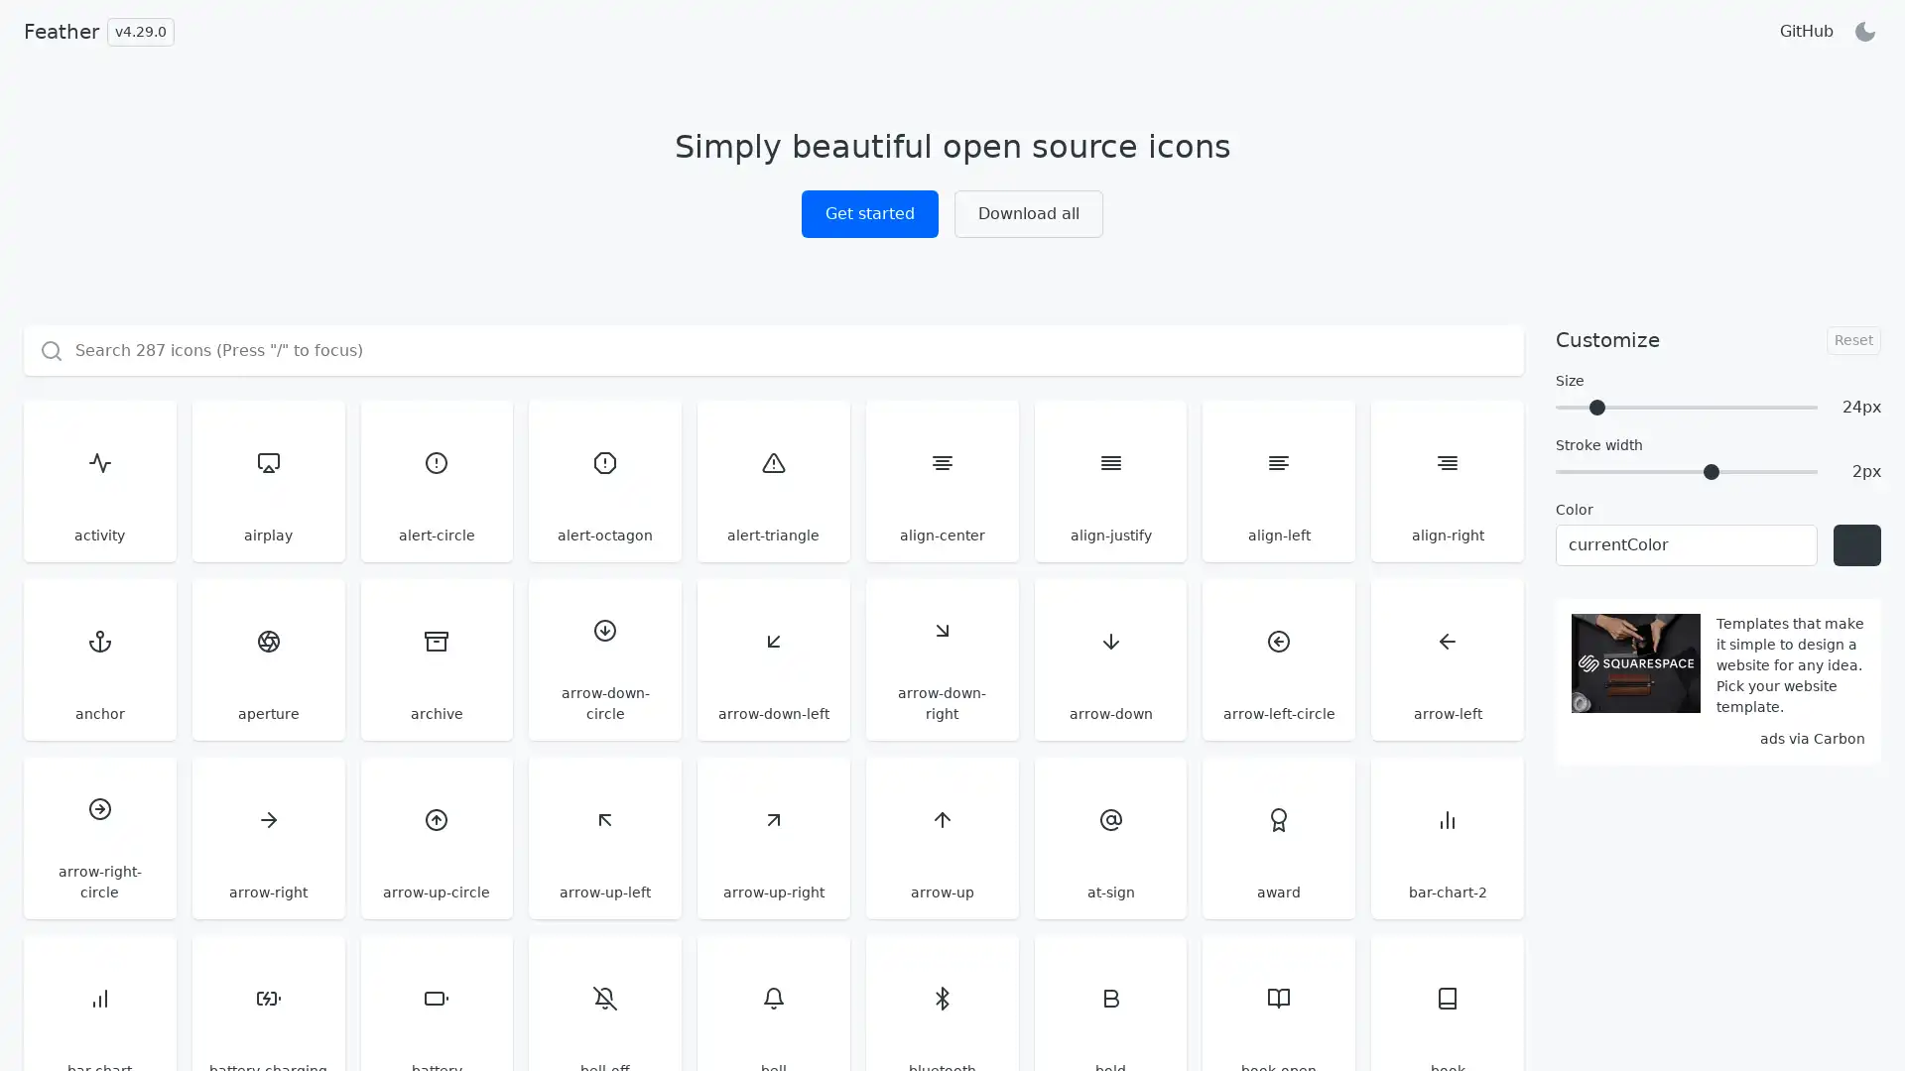  What do you see at coordinates (98, 658) in the screenshot?
I see `anchor` at bounding box center [98, 658].